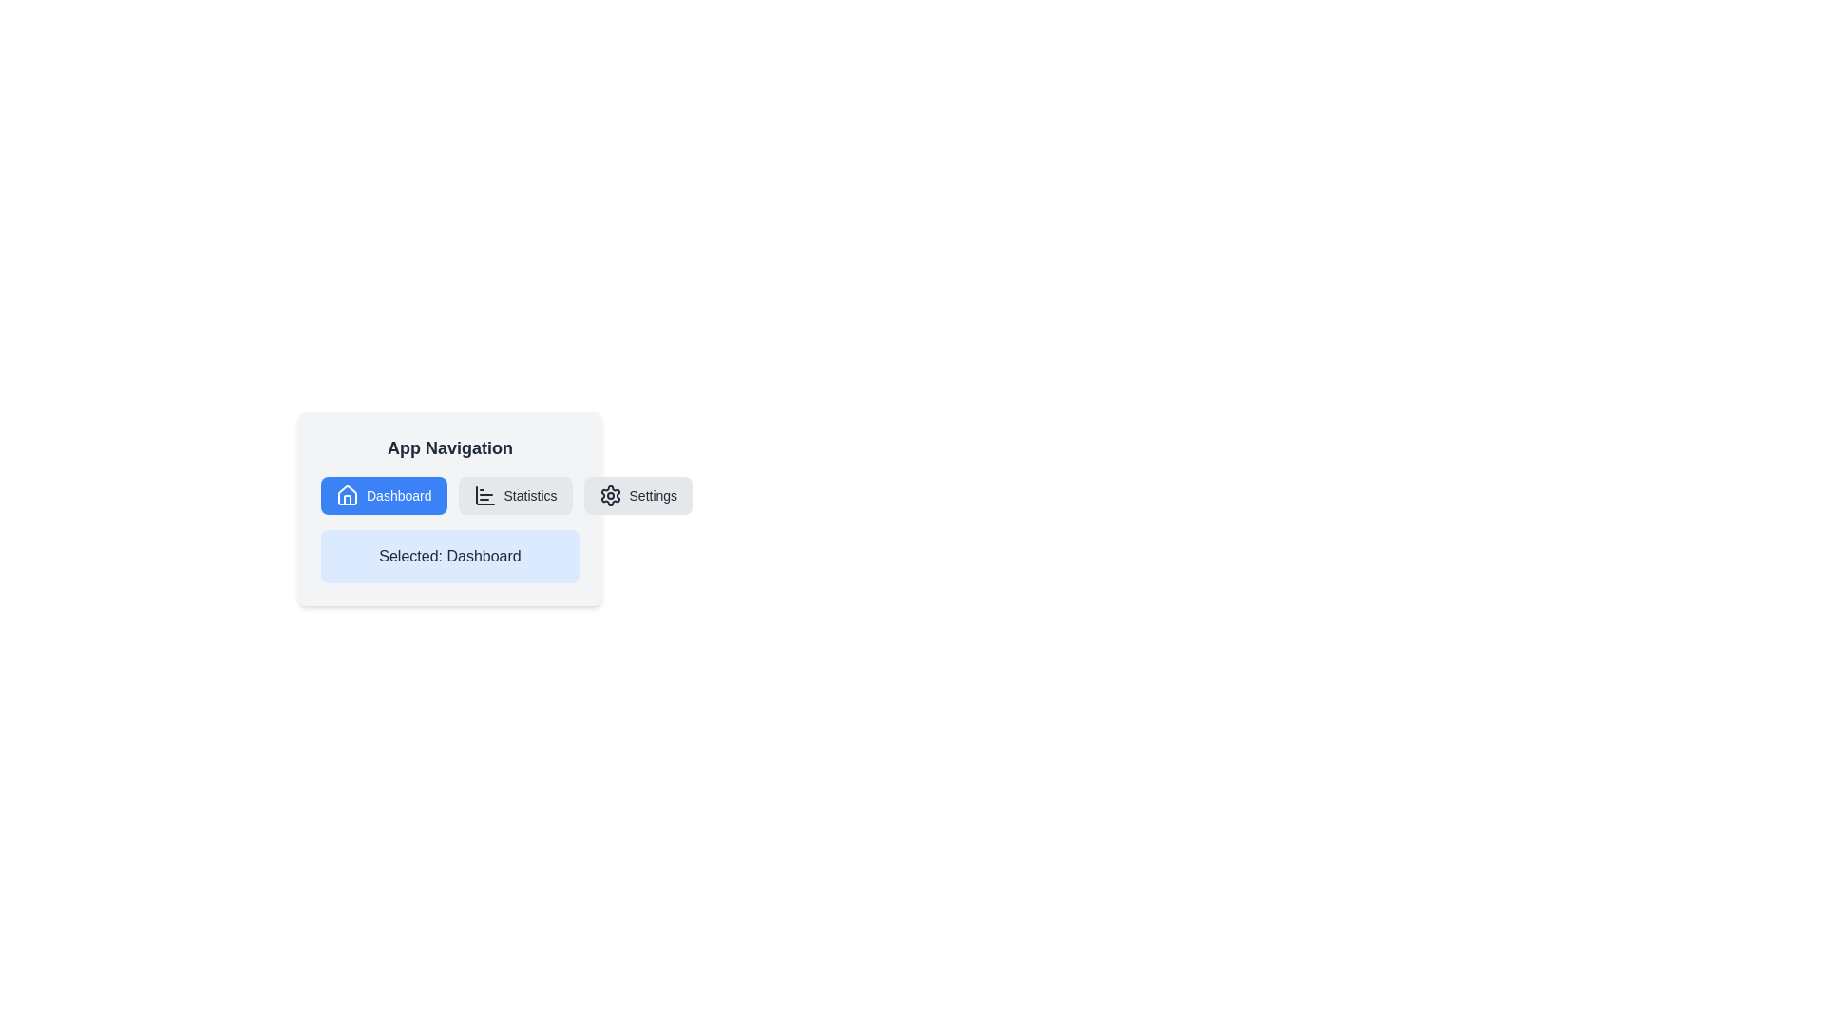  What do you see at coordinates (449, 447) in the screenshot?
I see `the text label 'App Navigation' which is bold, dark gray, and located at the top center of a card-like area` at bounding box center [449, 447].